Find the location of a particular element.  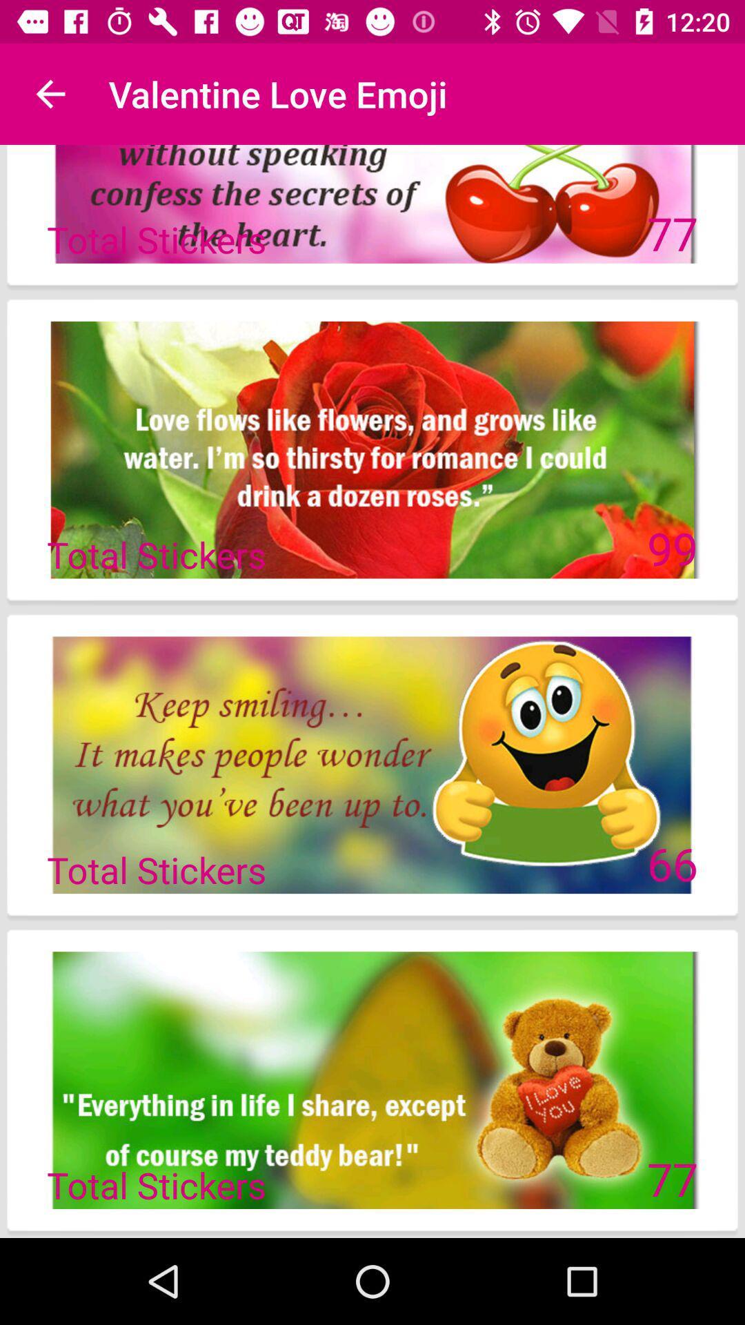

66 item is located at coordinates (672, 863).